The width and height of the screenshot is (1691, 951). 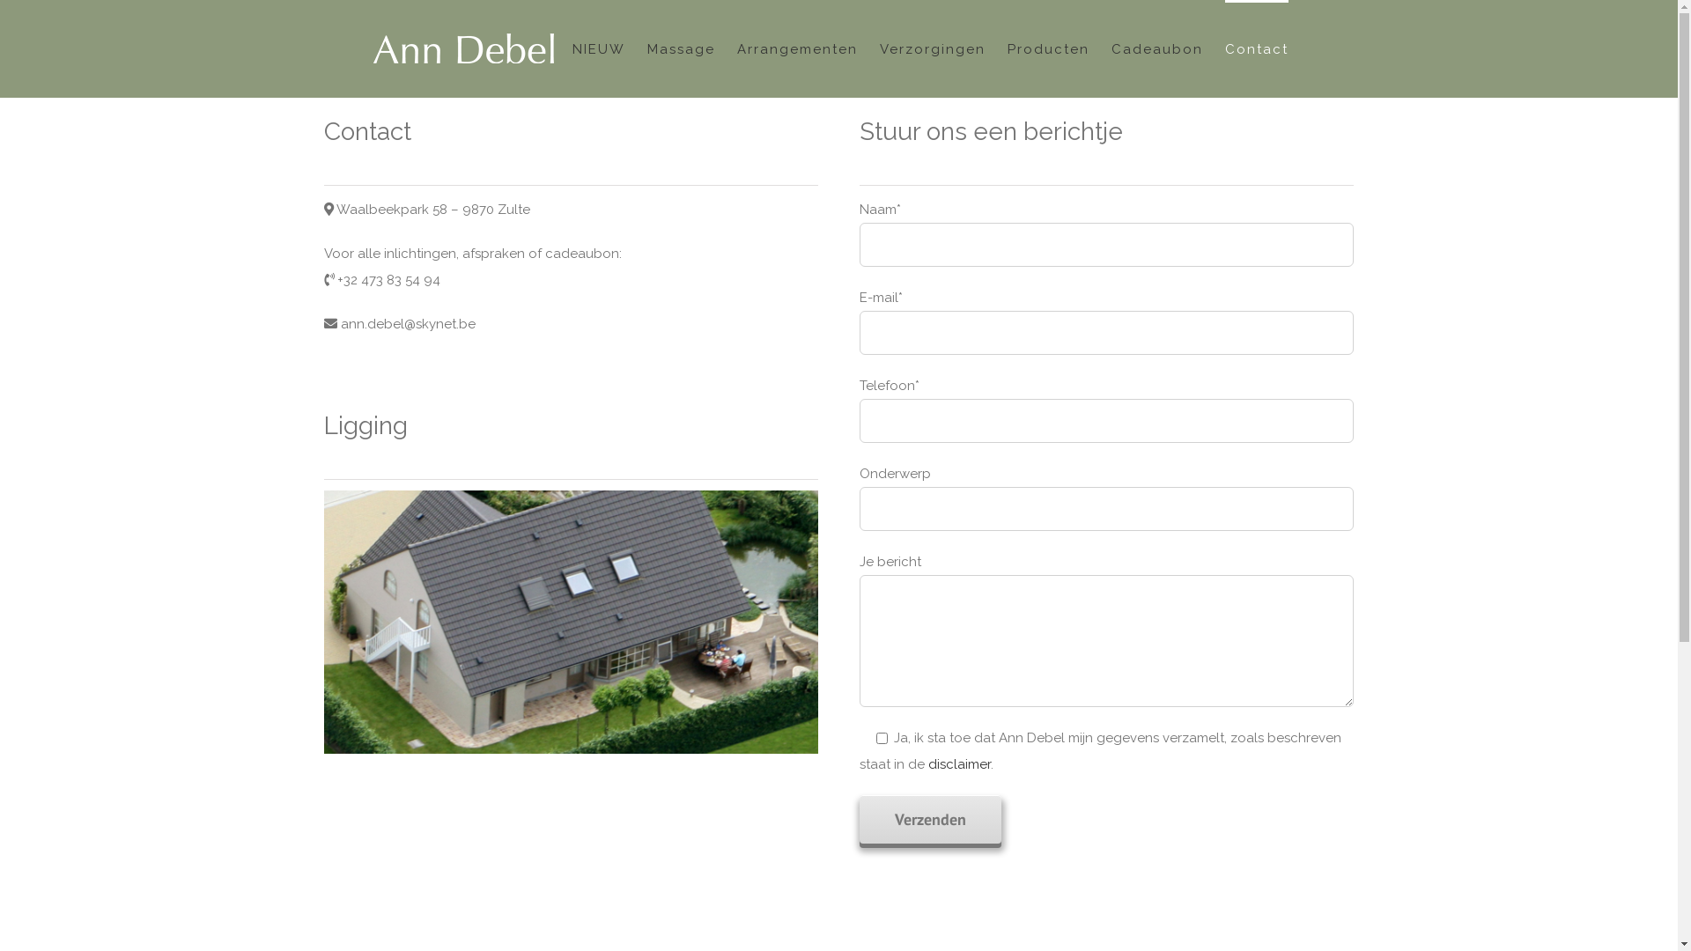 What do you see at coordinates (795, 47) in the screenshot?
I see `'Arrangementen'` at bounding box center [795, 47].